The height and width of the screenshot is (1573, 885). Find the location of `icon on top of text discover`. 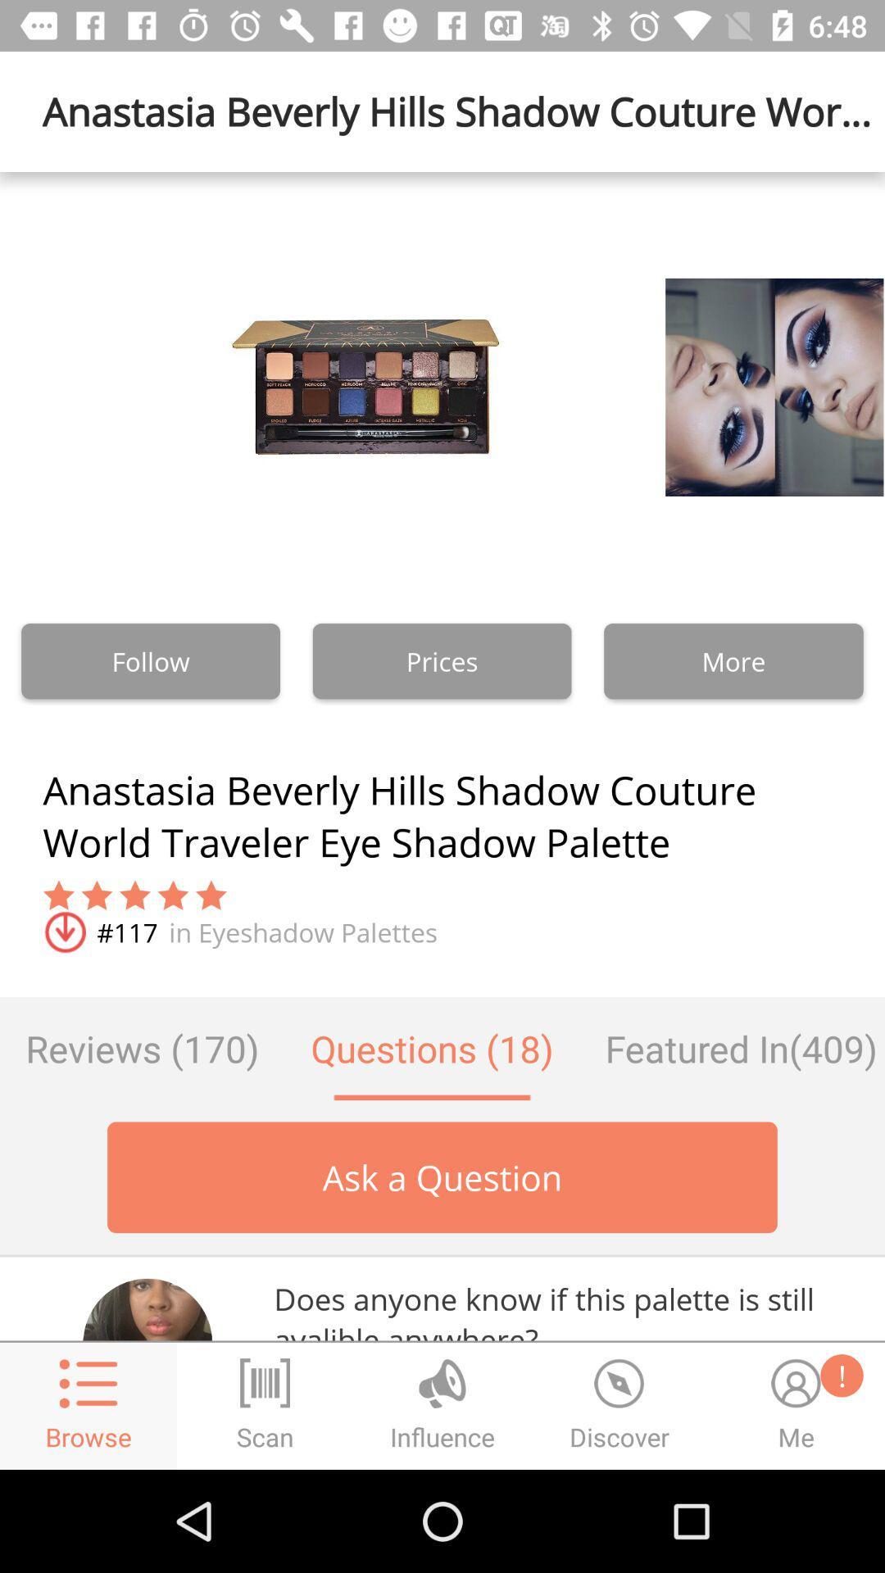

icon on top of text discover is located at coordinates (619, 1382).